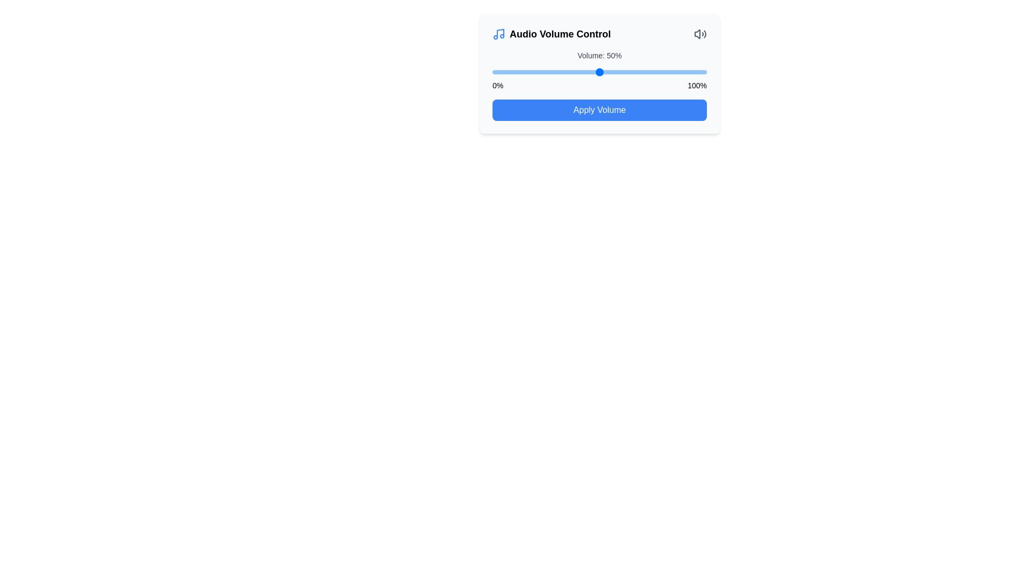  I want to click on the volume level, so click(644, 72).